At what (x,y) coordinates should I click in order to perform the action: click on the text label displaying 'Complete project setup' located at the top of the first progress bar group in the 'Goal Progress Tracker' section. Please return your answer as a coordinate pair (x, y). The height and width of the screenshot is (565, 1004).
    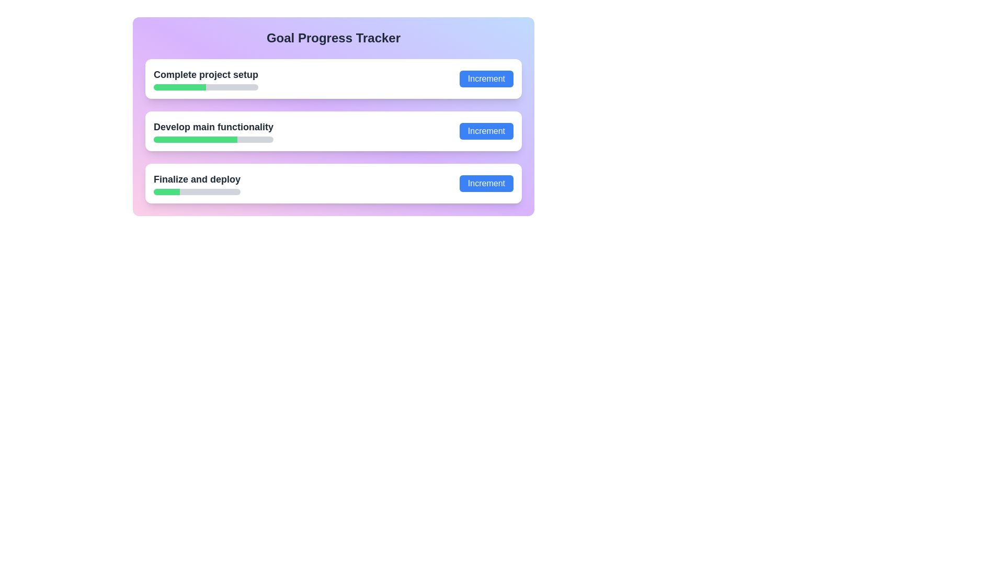
    Looking at the image, I should click on (206, 74).